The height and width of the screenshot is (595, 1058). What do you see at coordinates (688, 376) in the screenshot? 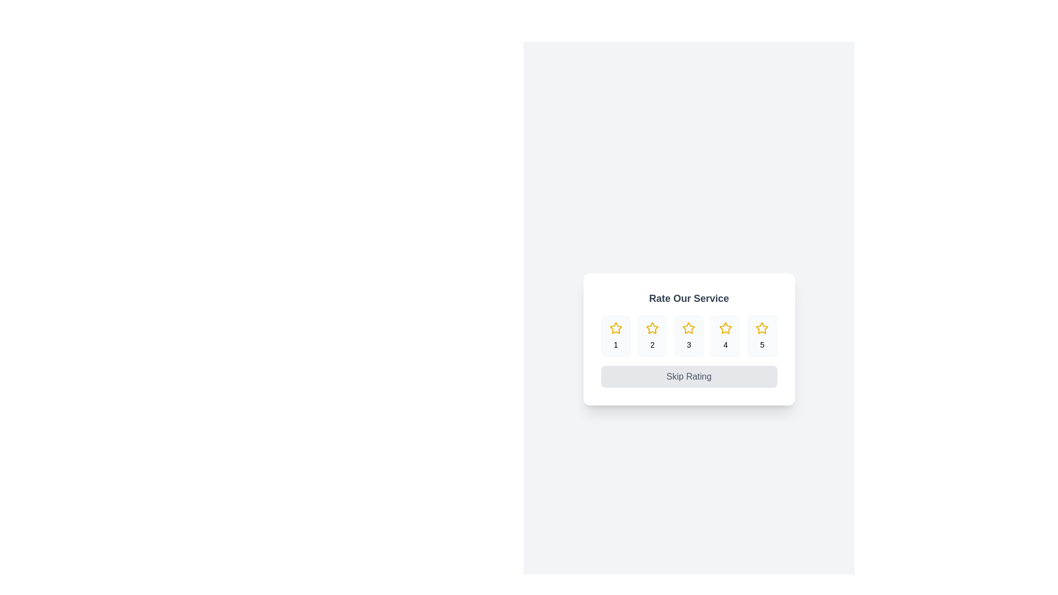
I see `the 'Skip Rating' button to skip the rating process` at bounding box center [688, 376].